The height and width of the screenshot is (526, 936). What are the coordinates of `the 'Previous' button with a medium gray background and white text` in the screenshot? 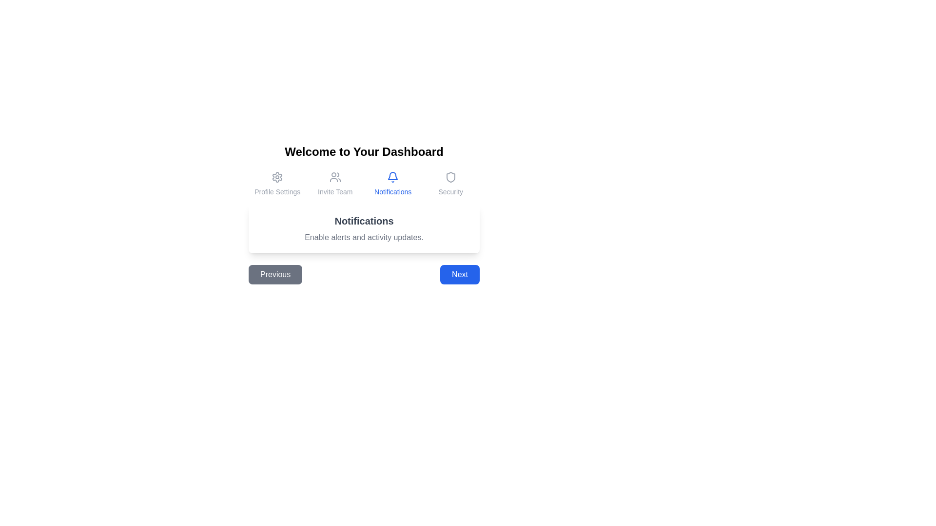 It's located at (275, 274).